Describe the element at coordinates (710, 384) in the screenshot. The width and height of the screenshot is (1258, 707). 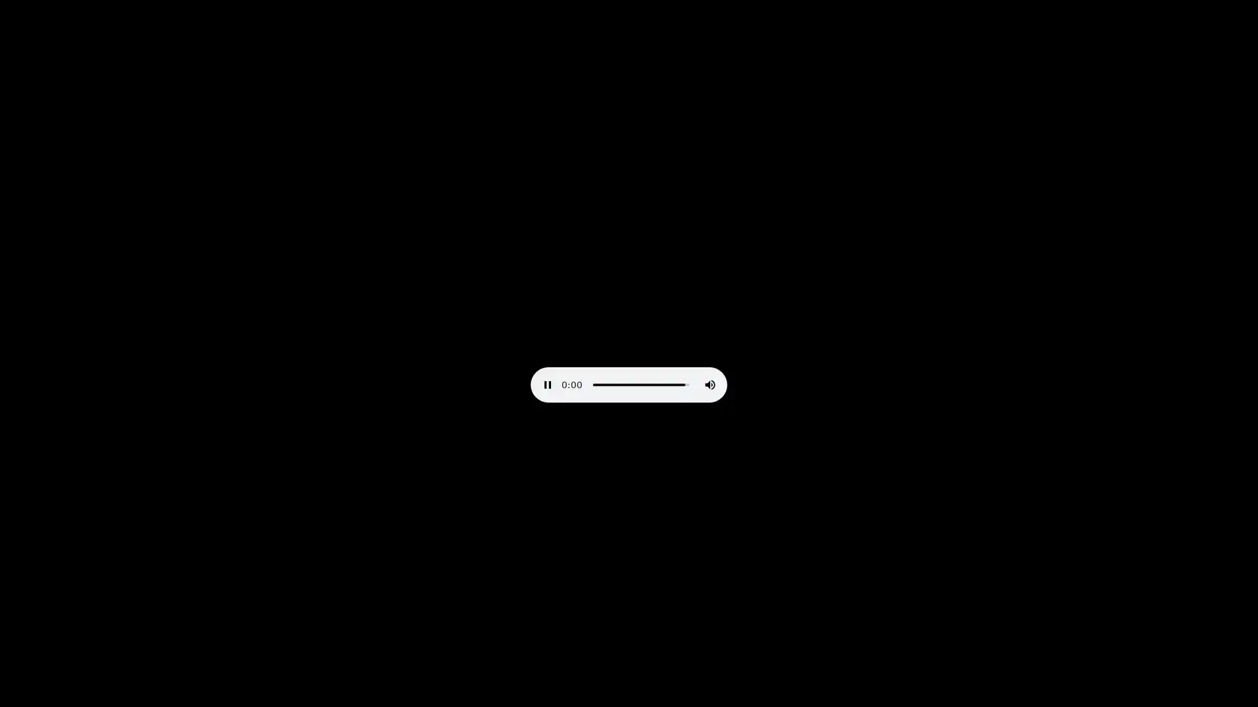
I see `mute` at that location.